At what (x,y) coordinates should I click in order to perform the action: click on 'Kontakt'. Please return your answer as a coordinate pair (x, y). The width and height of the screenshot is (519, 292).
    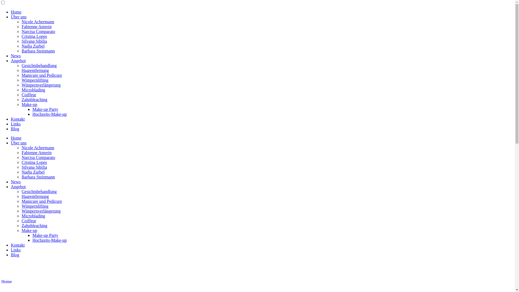
    Looking at the image, I should click on (18, 245).